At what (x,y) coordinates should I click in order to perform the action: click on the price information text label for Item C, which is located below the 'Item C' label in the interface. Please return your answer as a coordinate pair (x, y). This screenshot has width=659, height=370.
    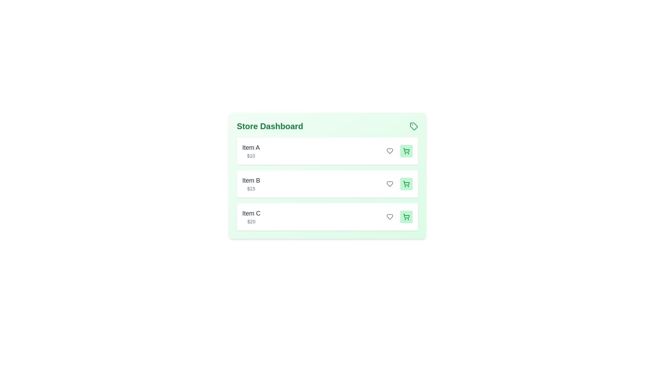
    Looking at the image, I should click on (251, 222).